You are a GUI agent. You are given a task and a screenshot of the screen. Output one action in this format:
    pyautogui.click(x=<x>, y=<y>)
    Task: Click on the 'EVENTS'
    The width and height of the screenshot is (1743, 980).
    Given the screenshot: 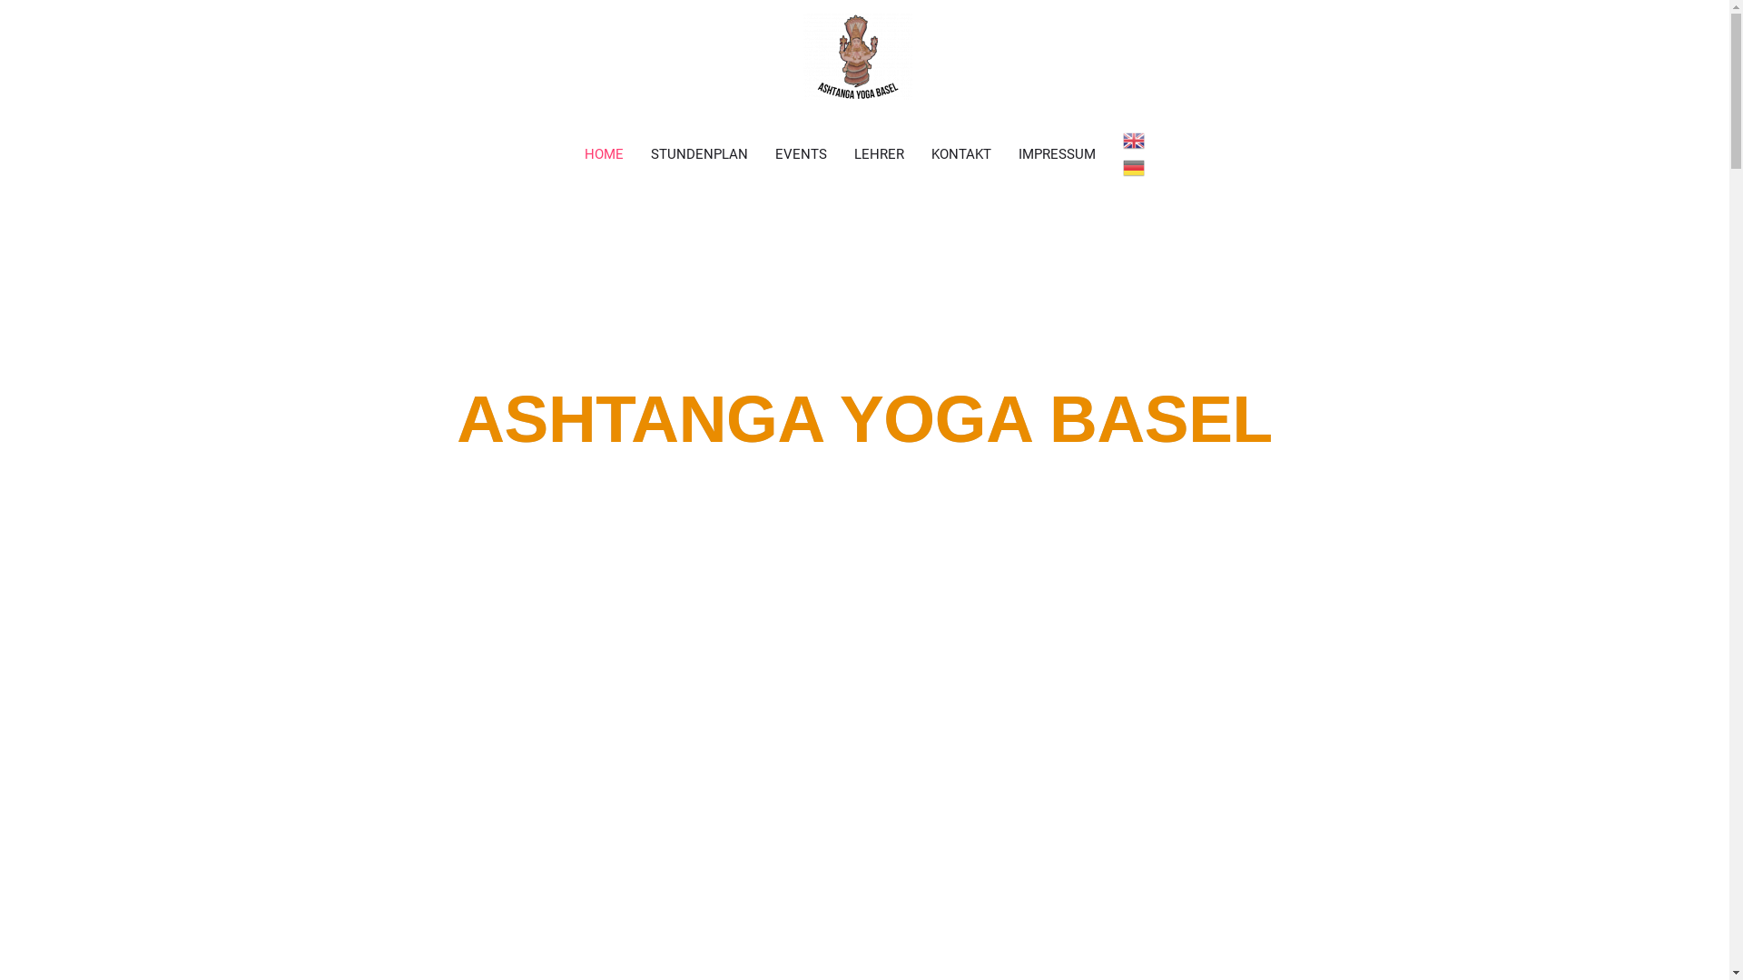 What is the action you would take?
    pyautogui.click(x=800, y=152)
    